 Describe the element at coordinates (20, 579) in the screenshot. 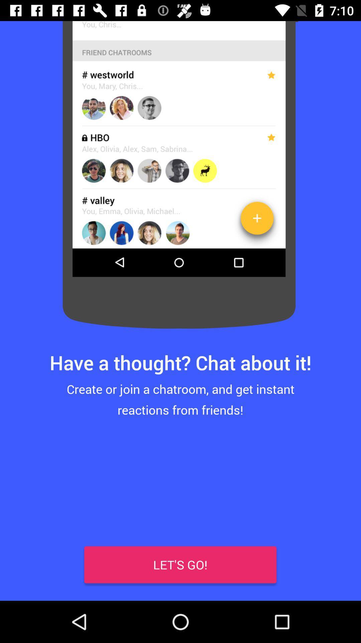

I see `the item next to the let's go!` at that location.